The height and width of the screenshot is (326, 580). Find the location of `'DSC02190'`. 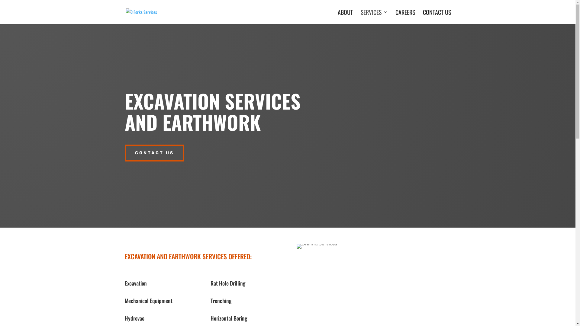

'DSC02190' is located at coordinates (317, 246).